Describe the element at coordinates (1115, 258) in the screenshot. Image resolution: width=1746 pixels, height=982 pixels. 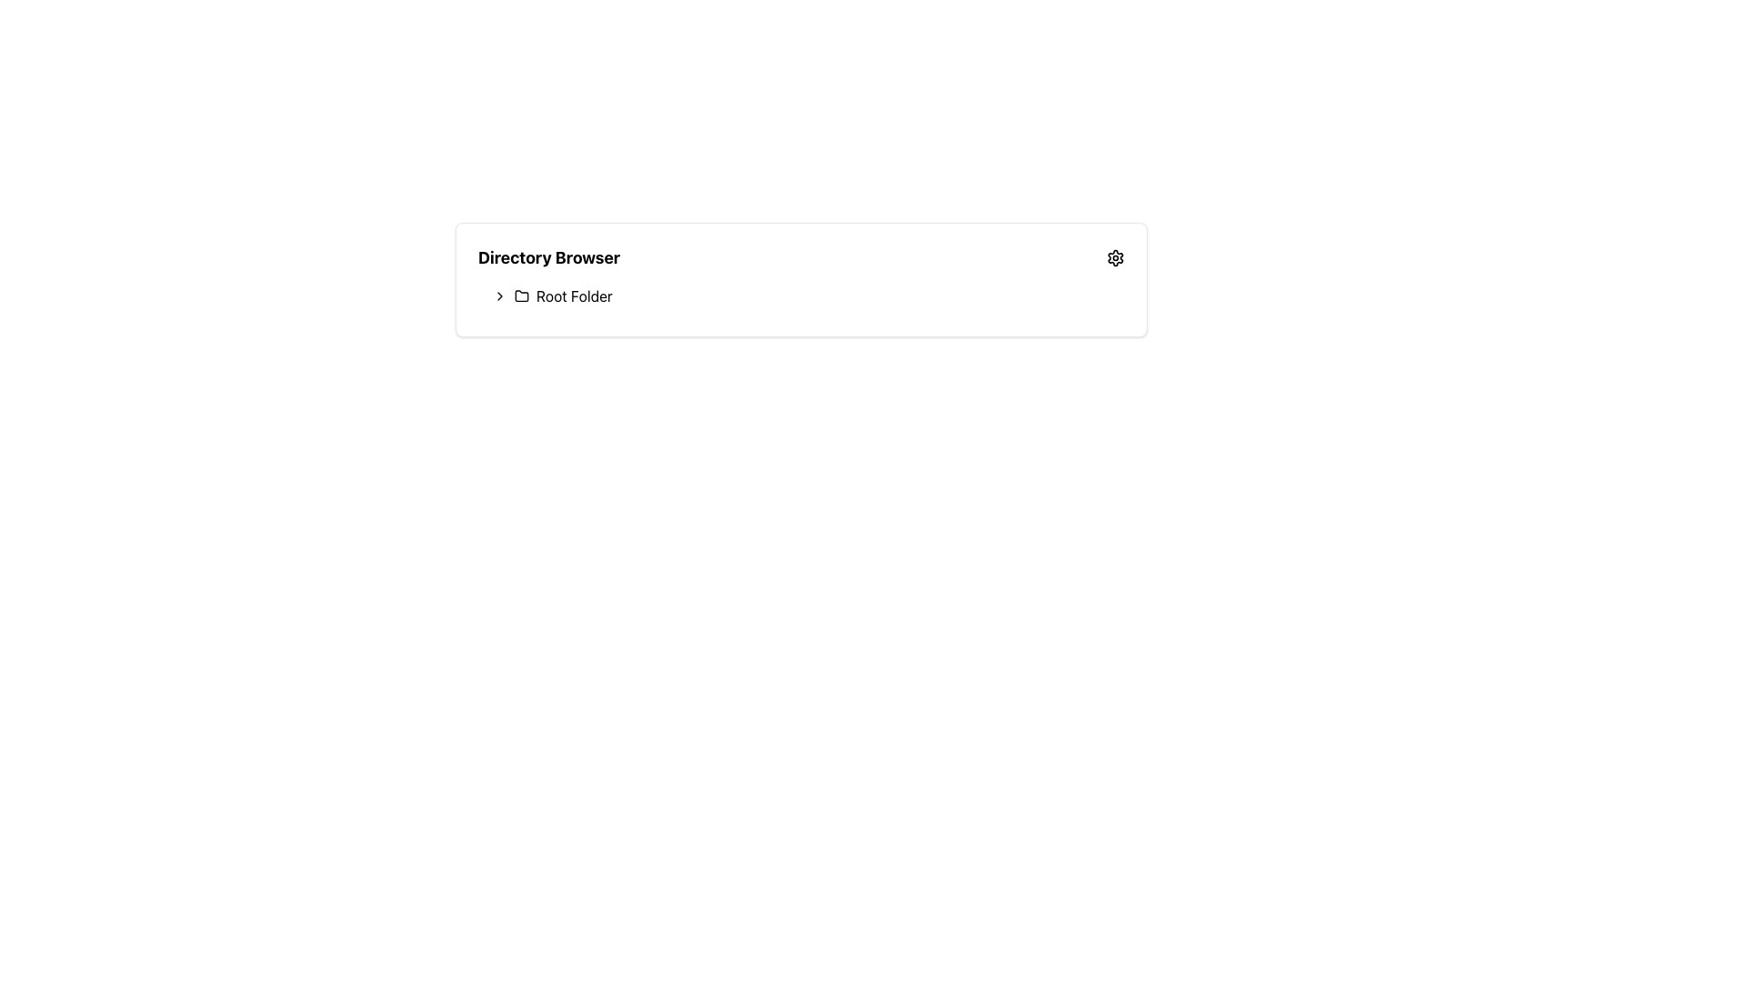
I see `the settings icon button located in the top-right corner of the 'Directory Browser'` at that location.